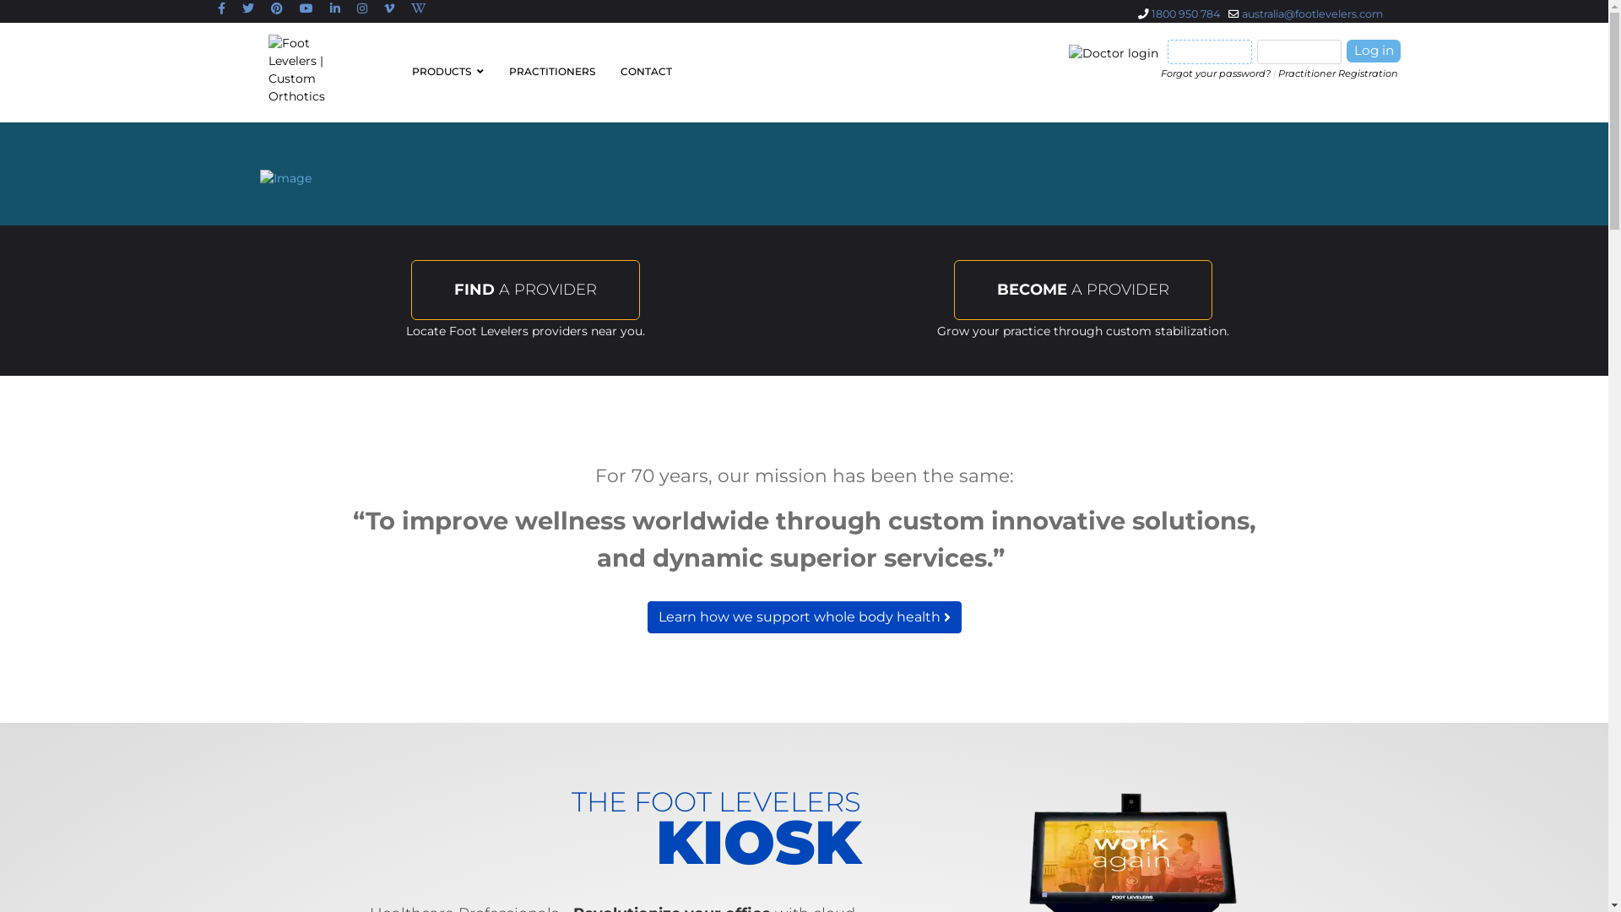  What do you see at coordinates (1185, 14) in the screenshot?
I see `'1800 950 784'` at bounding box center [1185, 14].